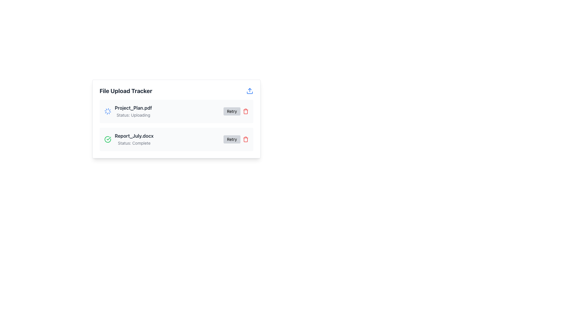  What do you see at coordinates (133, 115) in the screenshot?
I see `the text label displaying 'Status: Uploading', which is located directly beneath 'Project_Plan.pdf' in the file upload tracker interface` at bounding box center [133, 115].